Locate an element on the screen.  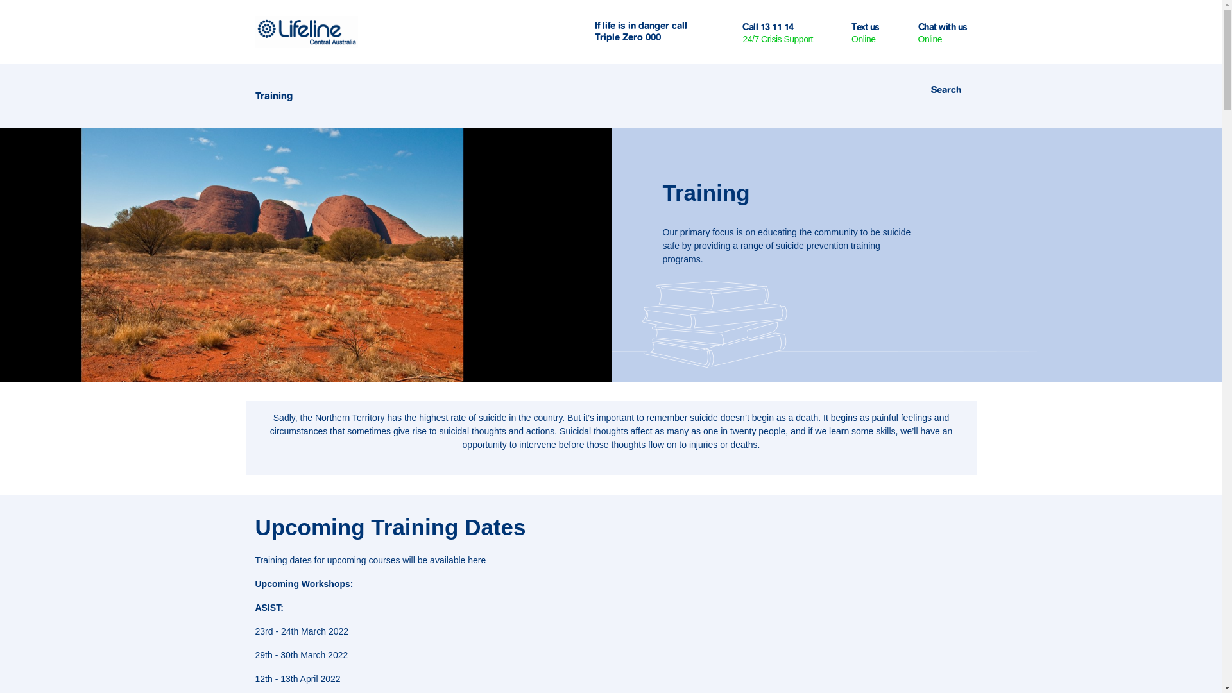
'Training' is located at coordinates (279, 96).